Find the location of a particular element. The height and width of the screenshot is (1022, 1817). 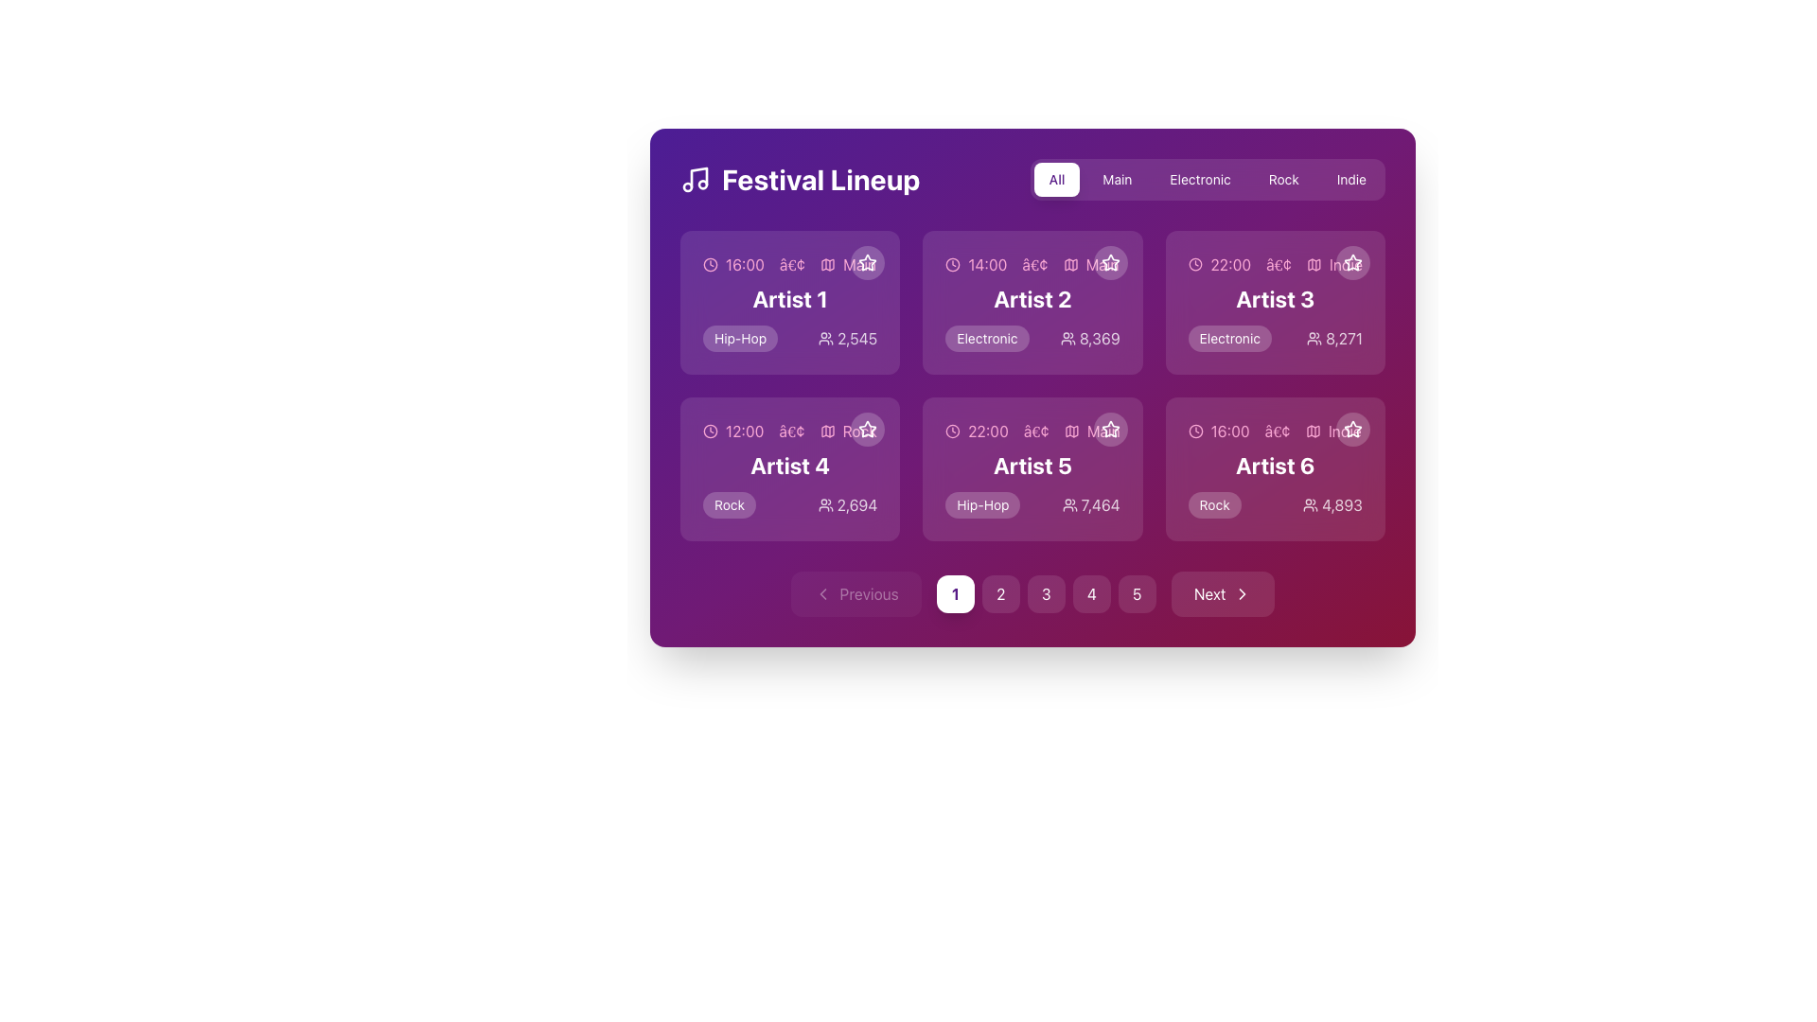

the pagination button located at the center of the navigation bar is located at coordinates (1045, 593).